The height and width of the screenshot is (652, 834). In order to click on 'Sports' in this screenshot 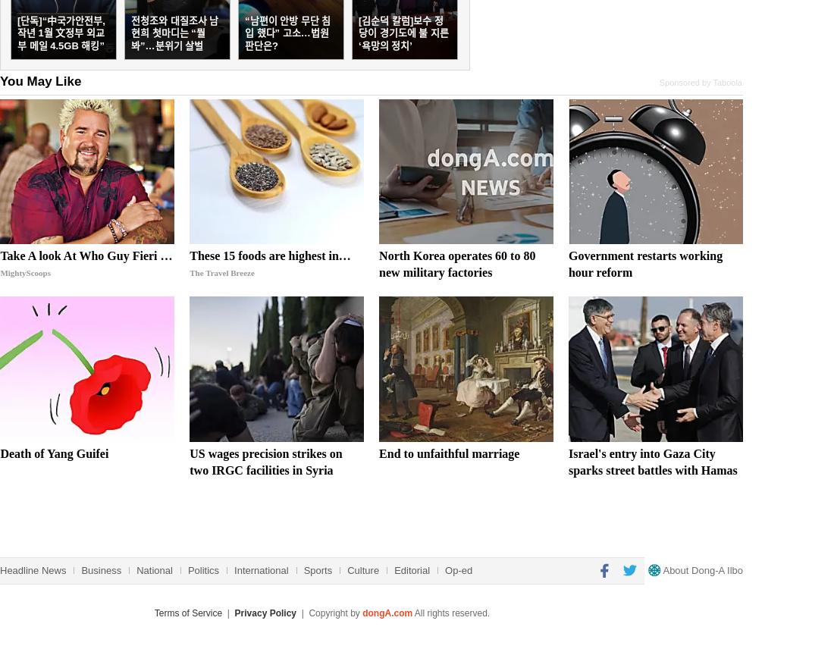, I will do `click(303, 569)`.